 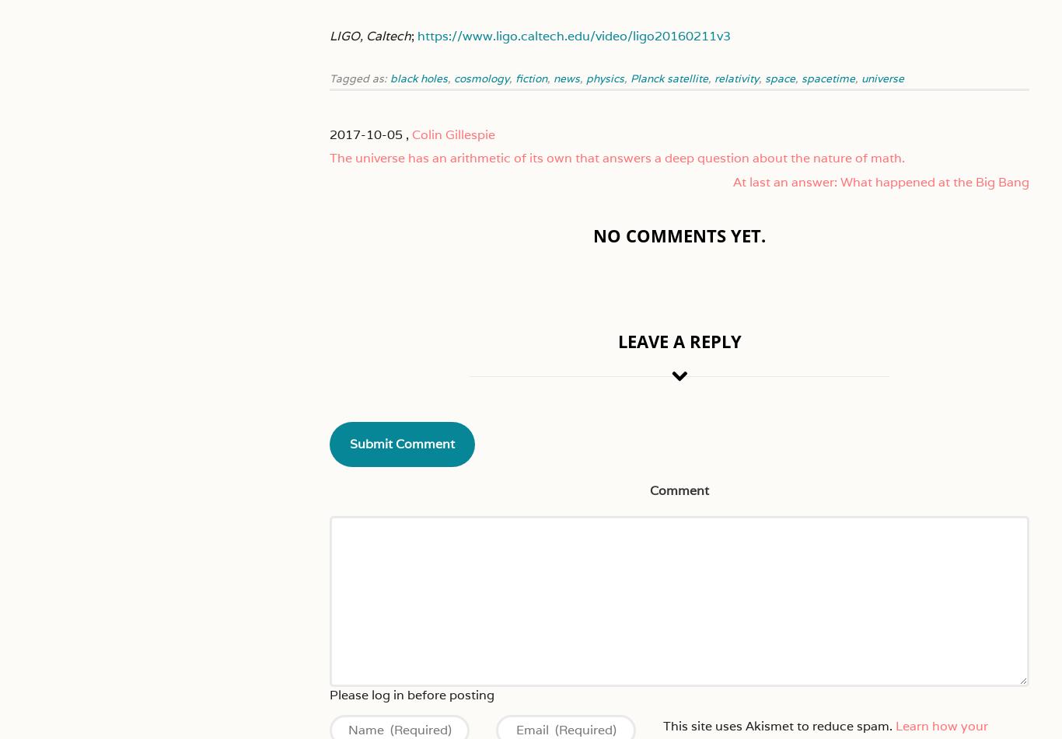 I want to click on 'relativity', so click(x=736, y=78).